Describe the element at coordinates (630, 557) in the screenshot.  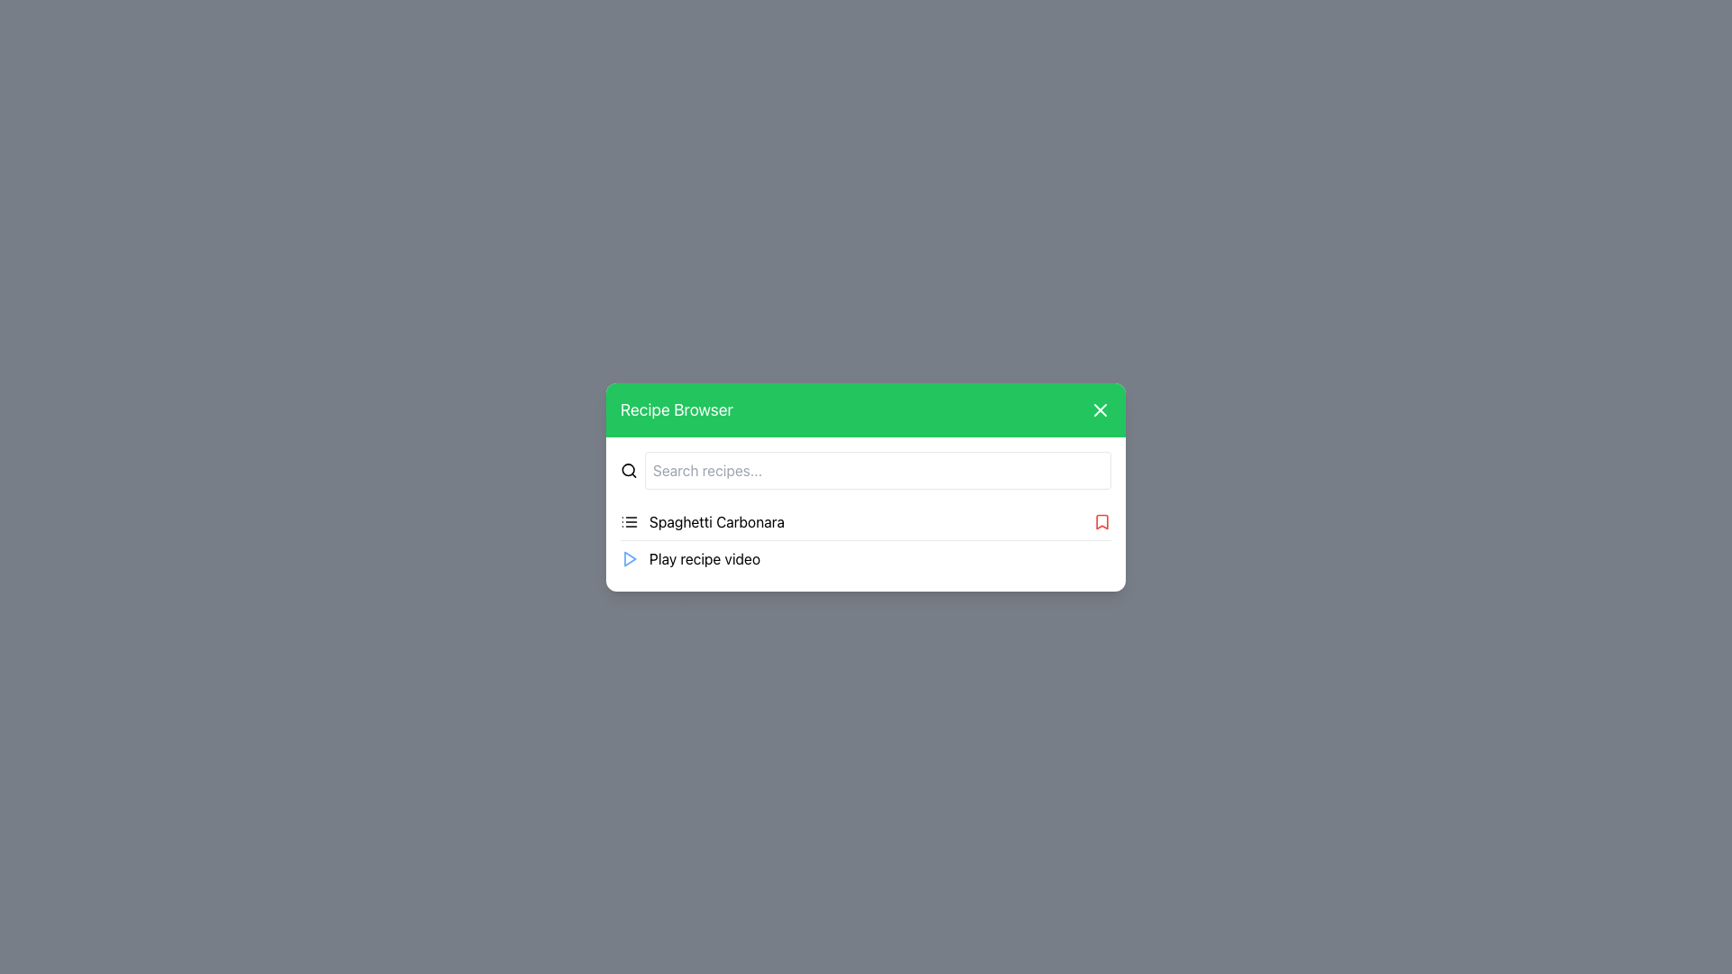
I see `the triangular play icon located at the far left of the row corresponding to 'Play recipe video', which visually represents the action to trigger video playback` at that location.